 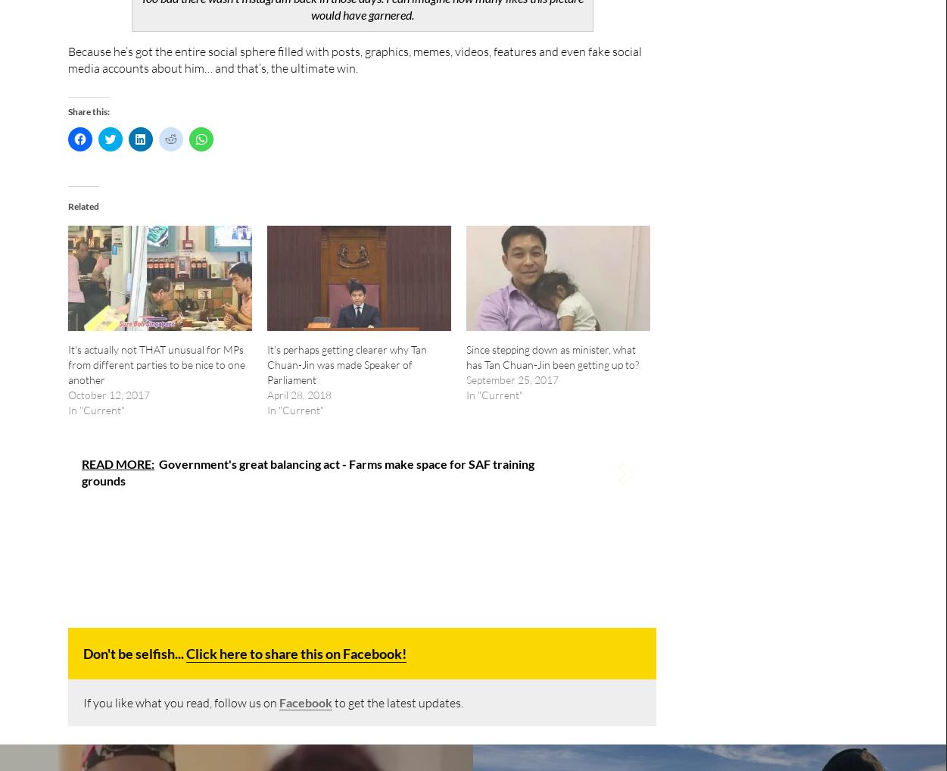 I want to click on 'If you like what you read, follow us on', so click(x=180, y=701).